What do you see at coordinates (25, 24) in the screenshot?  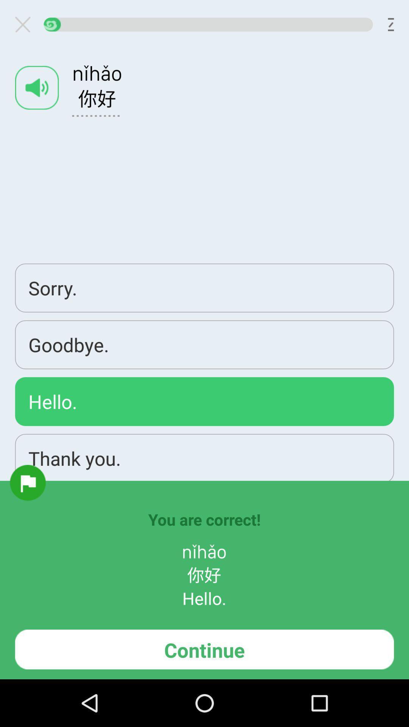 I see `close` at bounding box center [25, 24].